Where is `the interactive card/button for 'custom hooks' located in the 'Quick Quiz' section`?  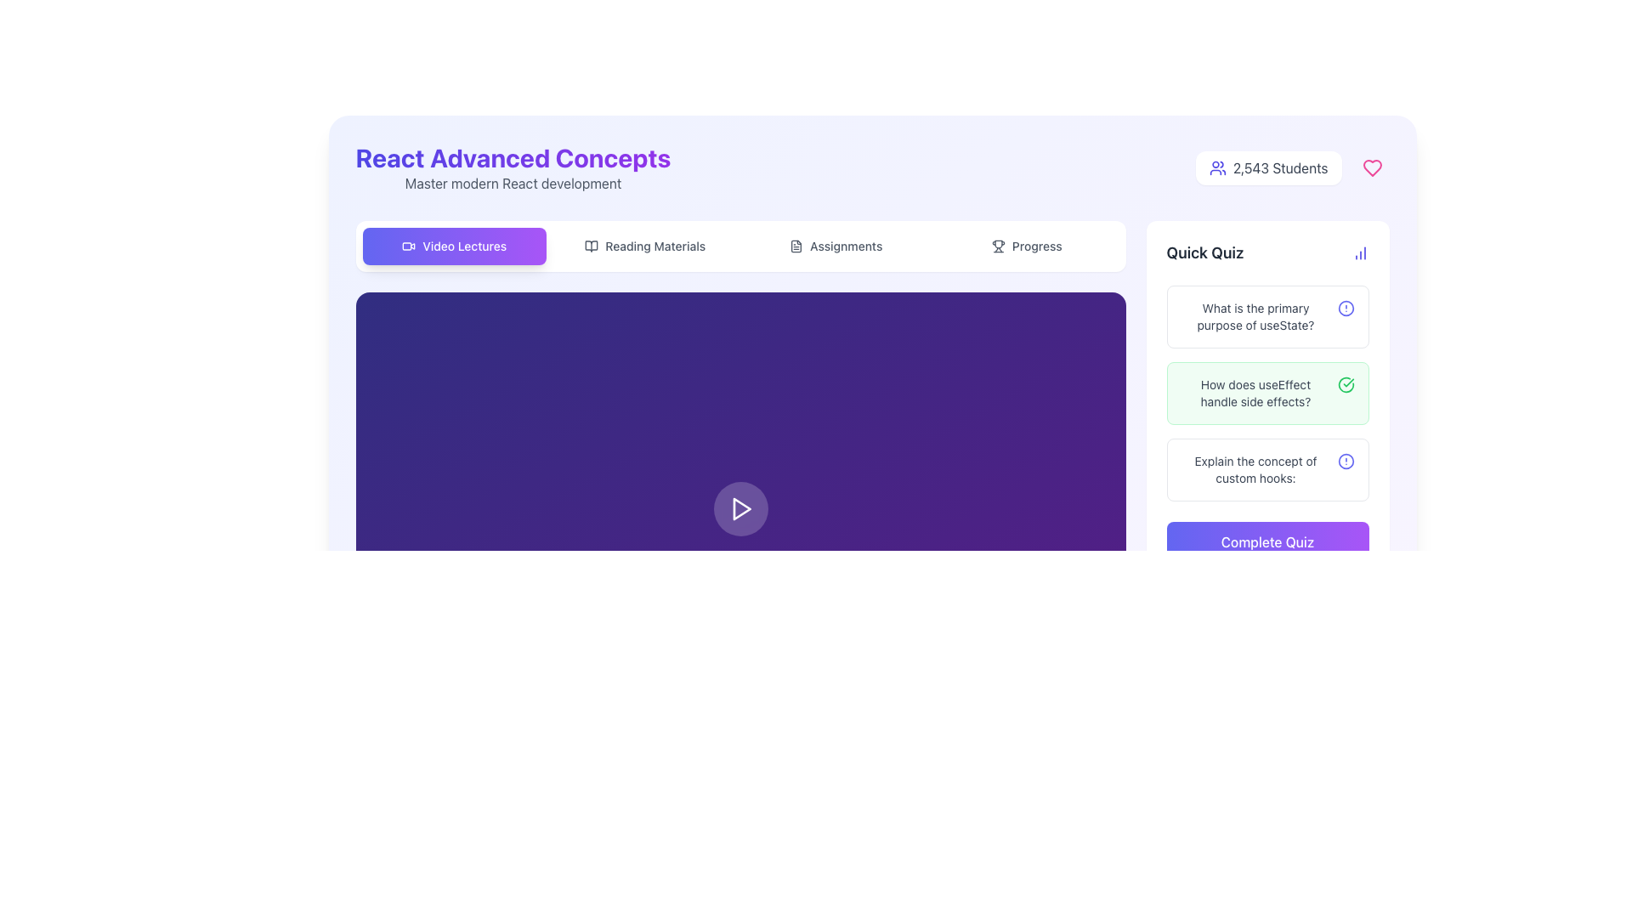 the interactive card/button for 'custom hooks' located in the 'Quick Quiz' section is located at coordinates (1267, 469).